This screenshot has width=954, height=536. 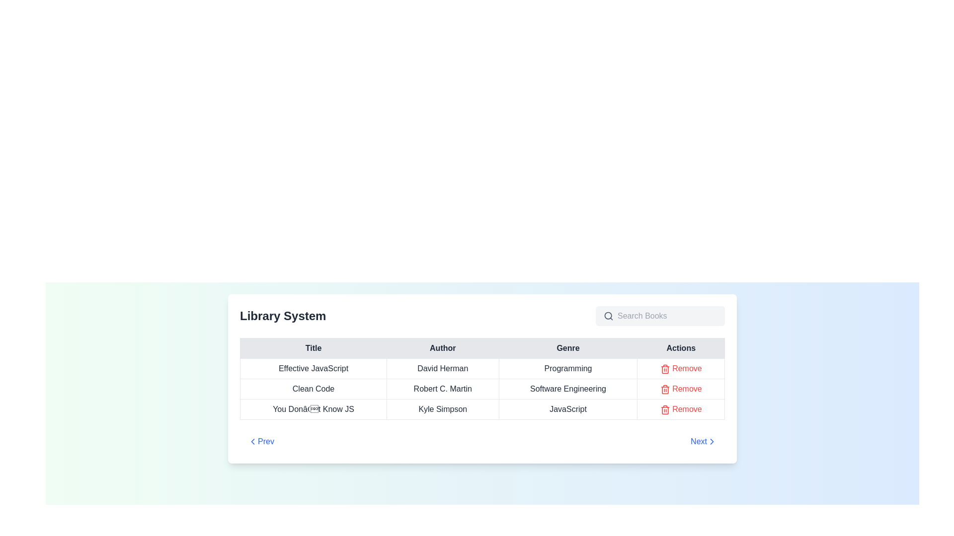 I want to click on the trash icon SVG element, which is styled with rounded stroke lines and a red color scheme, located adjacent to the 'Remove' label in the last row of the table under the 'Actions' column, so click(x=665, y=370).